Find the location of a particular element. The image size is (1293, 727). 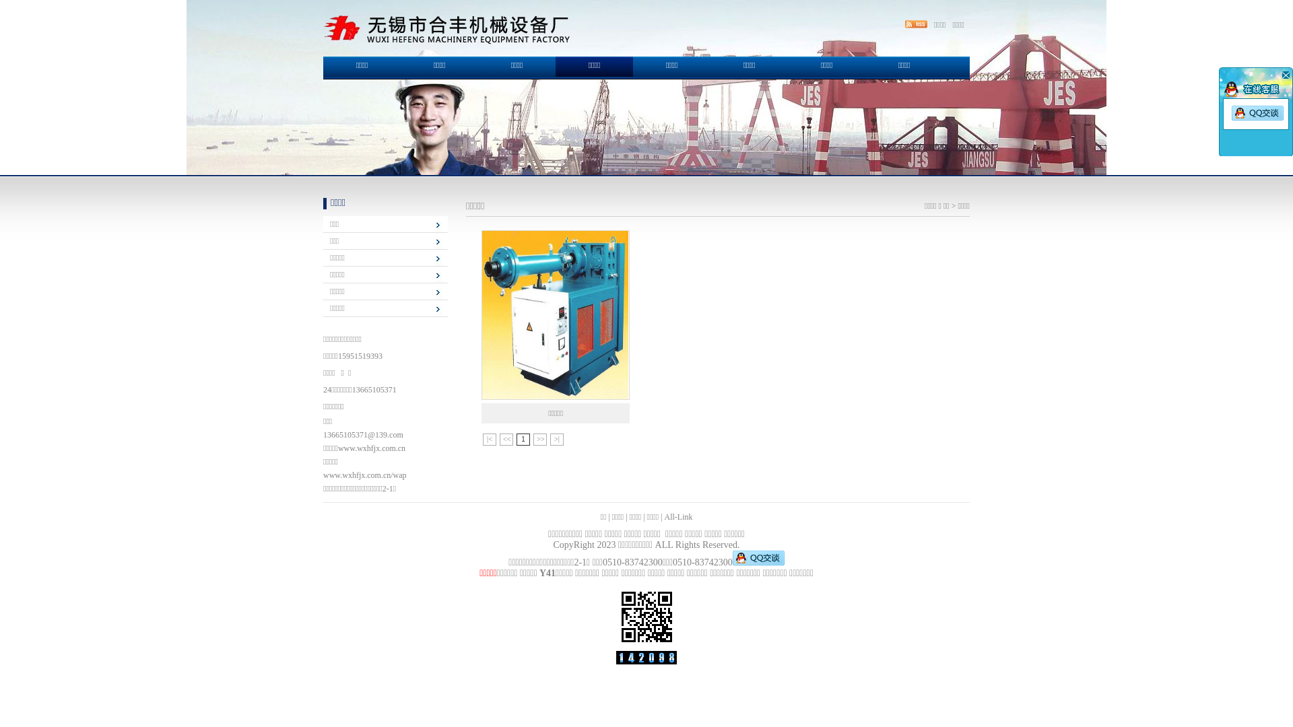

'1' is located at coordinates (523, 439).